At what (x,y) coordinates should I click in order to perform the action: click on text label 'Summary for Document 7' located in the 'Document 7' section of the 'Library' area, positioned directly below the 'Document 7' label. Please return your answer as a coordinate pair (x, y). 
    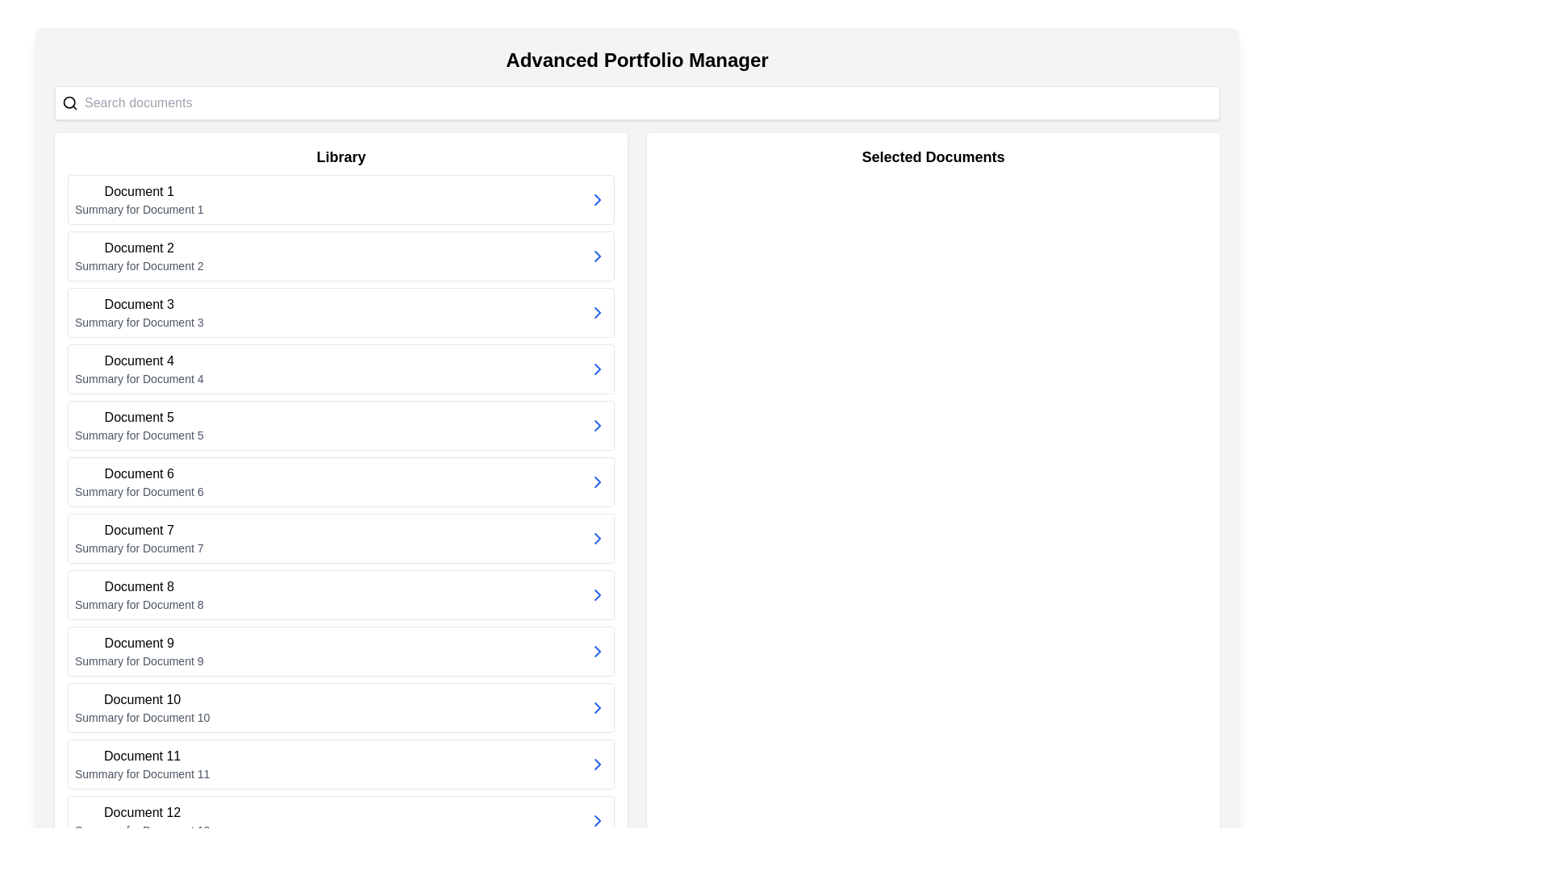
    Looking at the image, I should click on (139, 547).